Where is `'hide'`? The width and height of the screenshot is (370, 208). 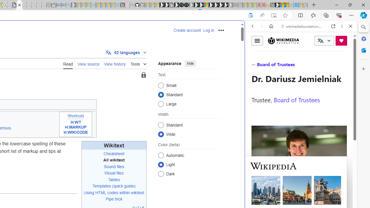
'hide' is located at coordinates (190, 63).